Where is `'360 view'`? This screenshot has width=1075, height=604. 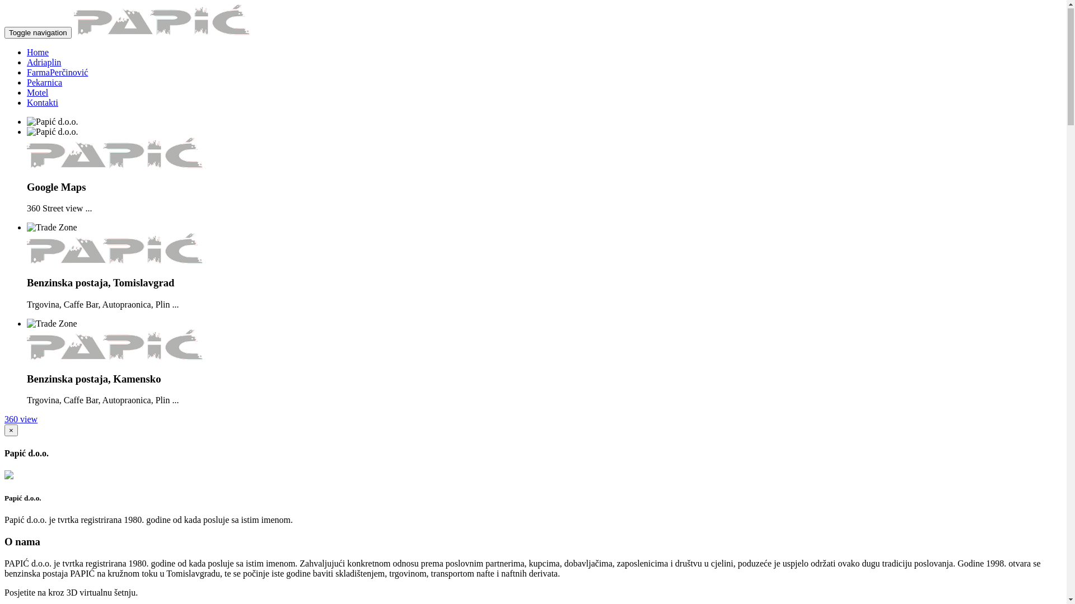
'360 view' is located at coordinates (21, 419).